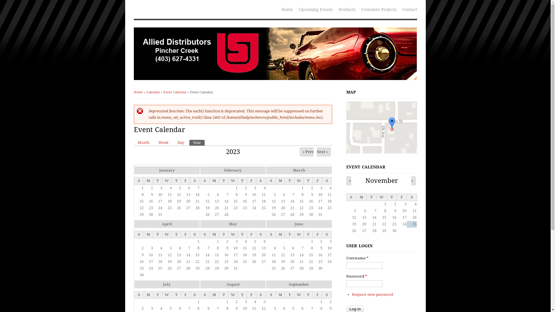 This screenshot has width=555, height=312. What do you see at coordinates (299, 224) in the screenshot?
I see `'June'` at bounding box center [299, 224].